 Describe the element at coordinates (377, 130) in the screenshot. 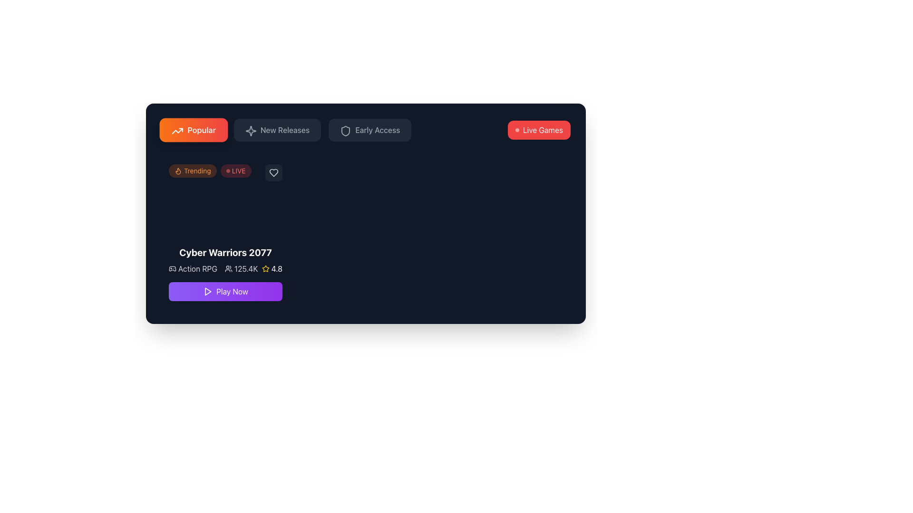

I see `the 'Early Access' button, which is displayed in light grey on a dark background and is part of a horizontal toolbar, positioned between 'New Releases' and 'Live Games'` at that location.